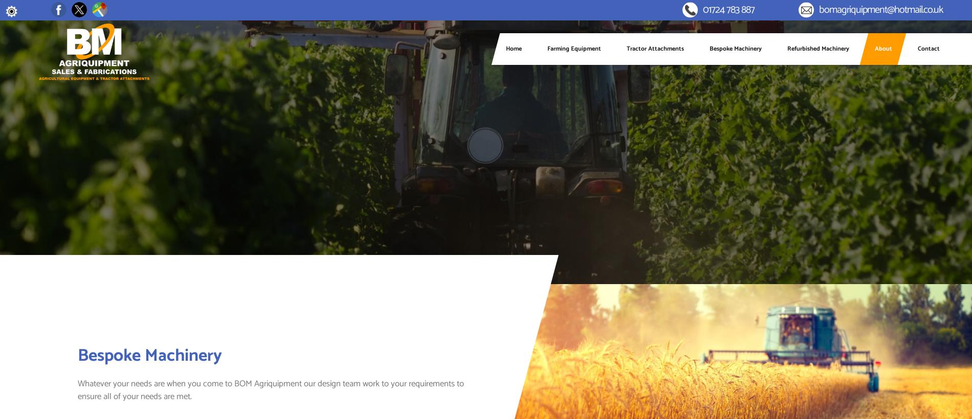 This screenshot has width=972, height=419. I want to click on 'Email:', so click(787, 14).